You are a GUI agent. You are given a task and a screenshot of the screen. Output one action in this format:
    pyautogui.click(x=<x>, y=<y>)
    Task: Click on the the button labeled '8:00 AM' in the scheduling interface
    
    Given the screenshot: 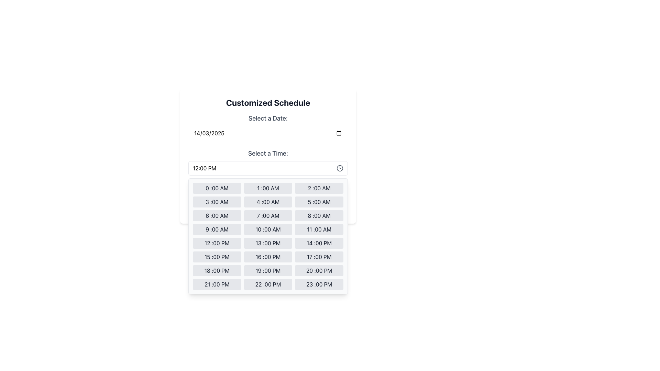 What is the action you would take?
    pyautogui.click(x=319, y=215)
    